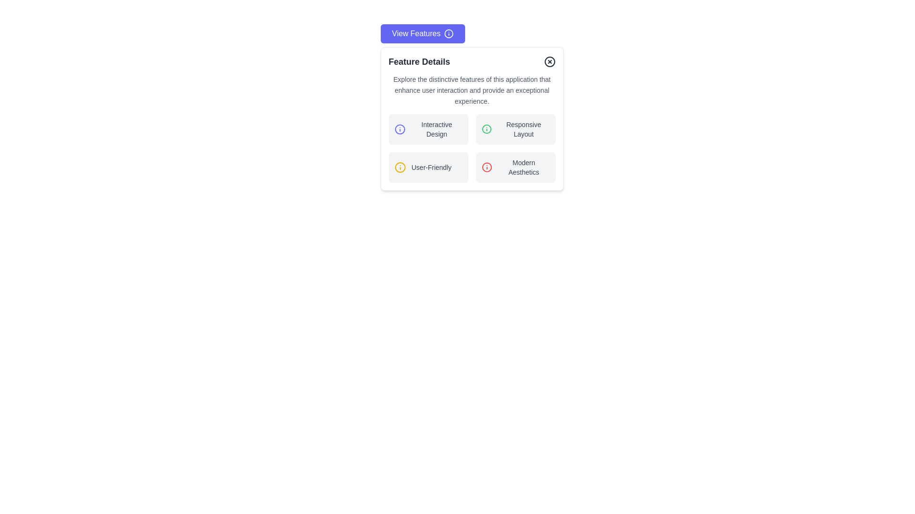  What do you see at coordinates (448, 33) in the screenshot?
I see `the circular information icon within the 'View Features' button, which features a hollow circle and a dot, positioned to the right of the button's text label` at bounding box center [448, 33].